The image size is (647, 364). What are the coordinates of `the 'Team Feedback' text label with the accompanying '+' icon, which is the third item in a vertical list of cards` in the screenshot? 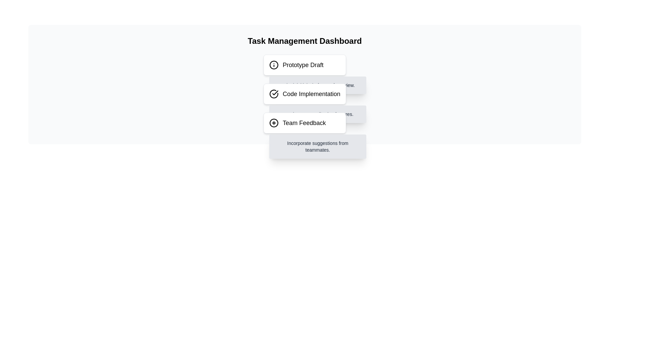 It's located at (304, 123).